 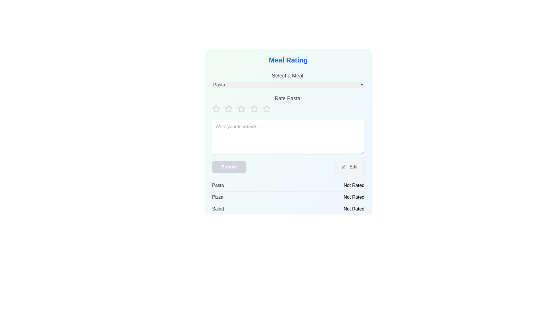 I want to click on the dropdown menu labeled 'Select a Meal:', so click(x=288, y=79).